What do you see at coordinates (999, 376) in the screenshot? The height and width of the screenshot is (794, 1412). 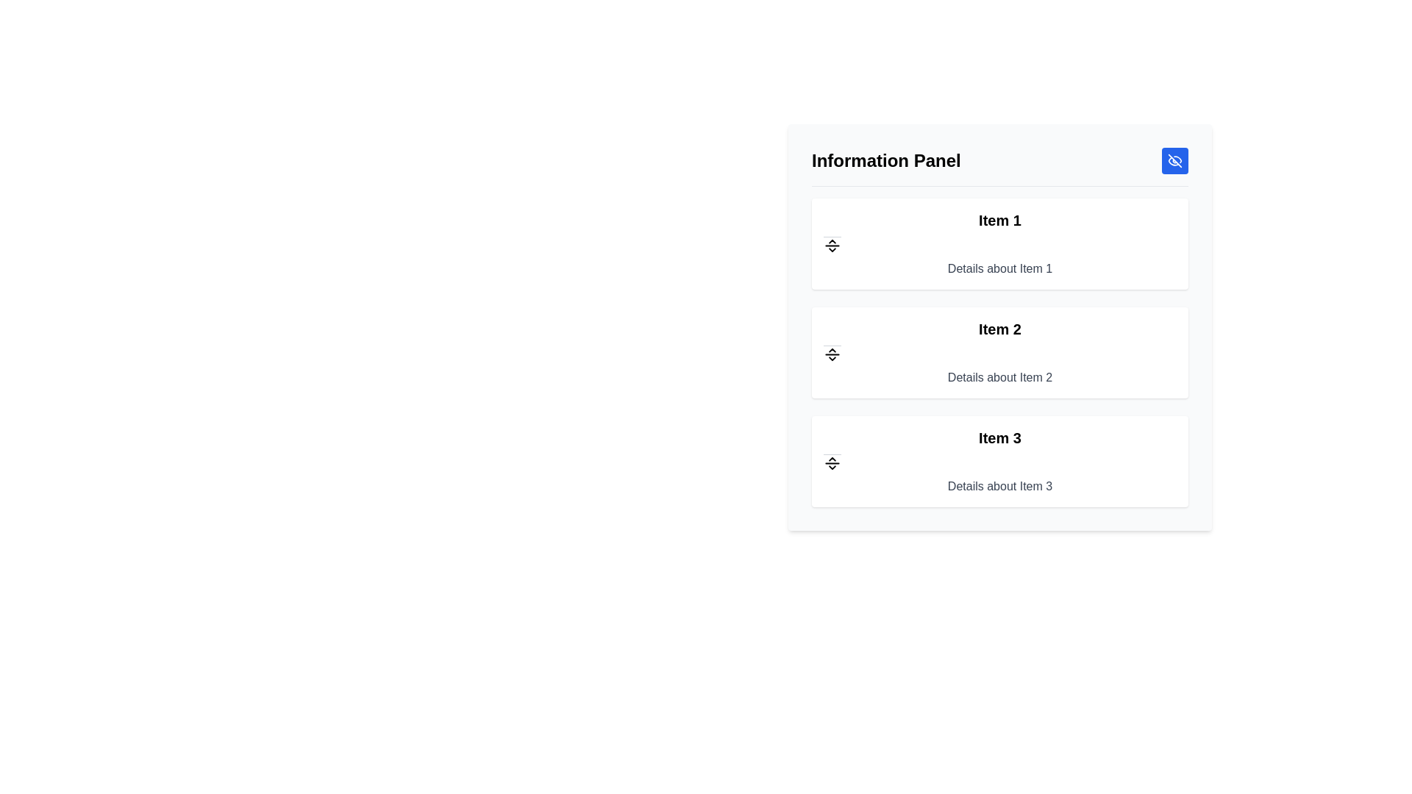 I see `the Text Label located below the horizontal separator of 'Item 2'` at bounding box center [999, 376].